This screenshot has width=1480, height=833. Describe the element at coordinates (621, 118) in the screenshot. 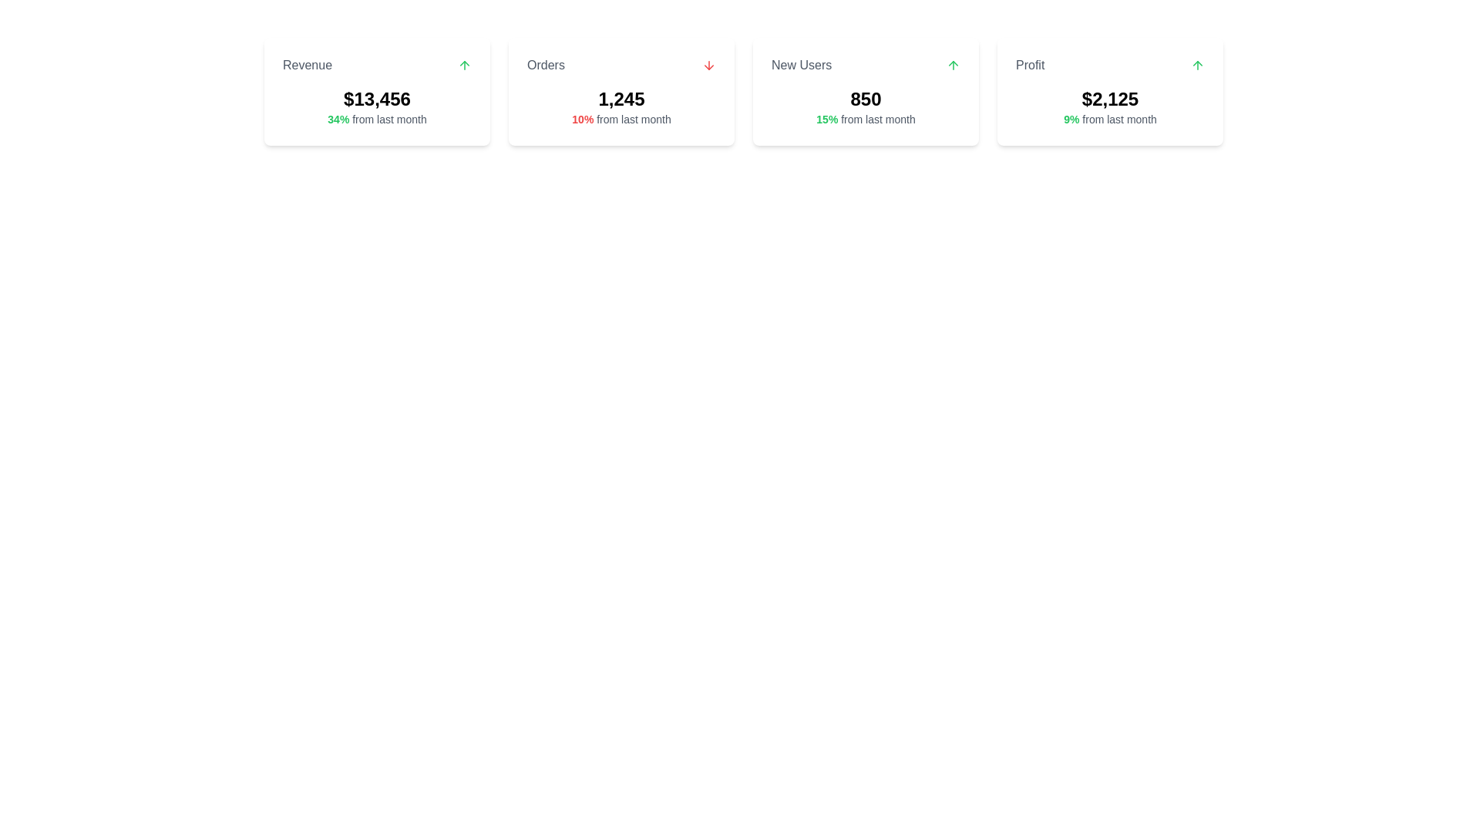

I see `the text label that indicates the change percentage from the previous month, located below the main bold number '1,245' in the 'Orders' card` at that location.